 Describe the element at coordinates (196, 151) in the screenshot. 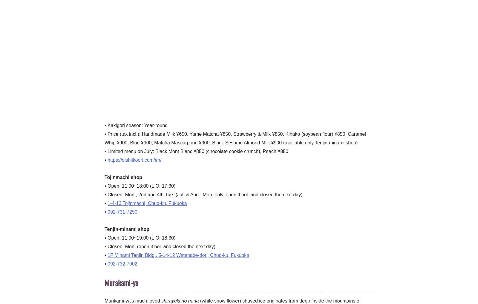

I see `'• Limited menu on July: Black Mont Blanc ¥850 (chocolate cookie crunch), Peach ¥850'` at that location.